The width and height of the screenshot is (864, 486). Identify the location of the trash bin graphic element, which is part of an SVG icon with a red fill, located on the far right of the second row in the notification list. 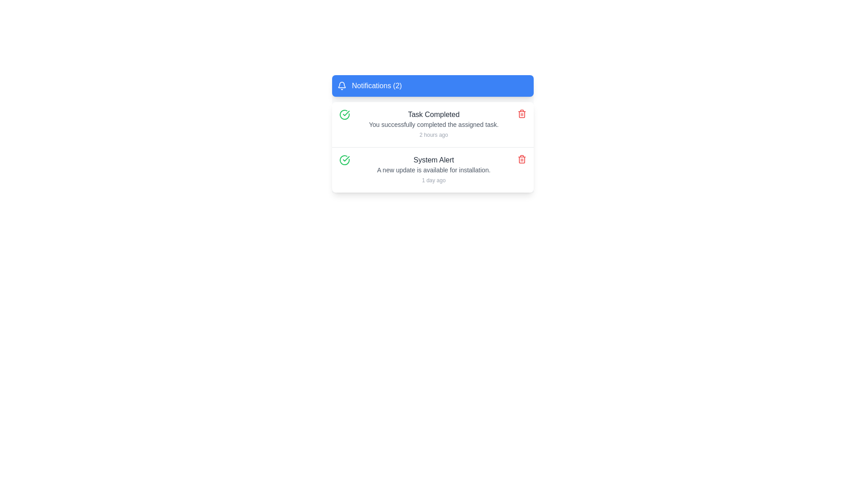
(522, 159).